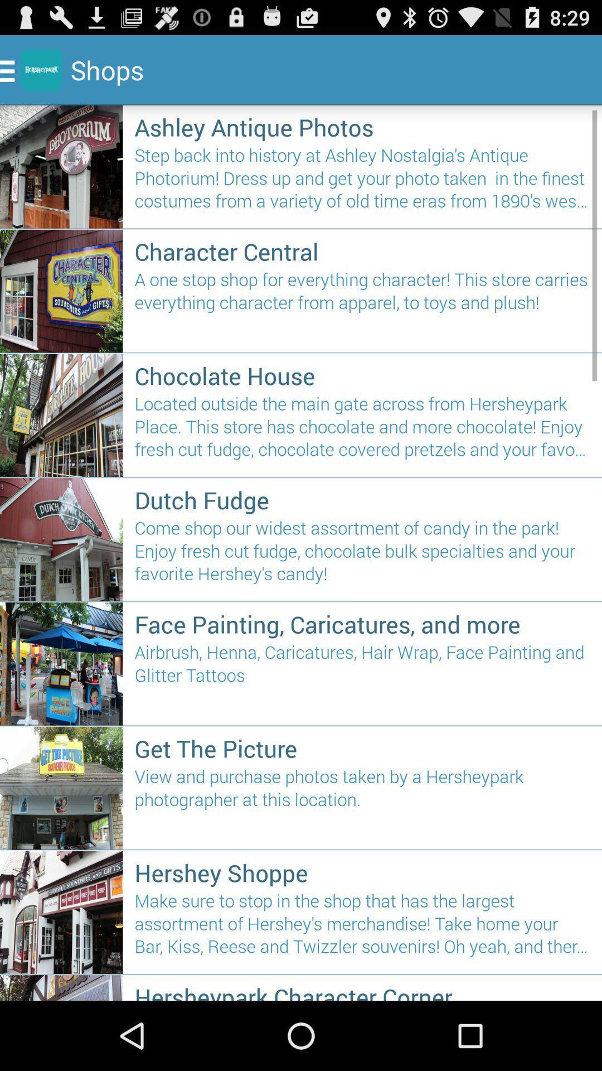 The image size is (602, 1071). Describe the element at coordinates (362, 679) in the screenshot. I see `the airbrush henna caricatures icon` at that location.